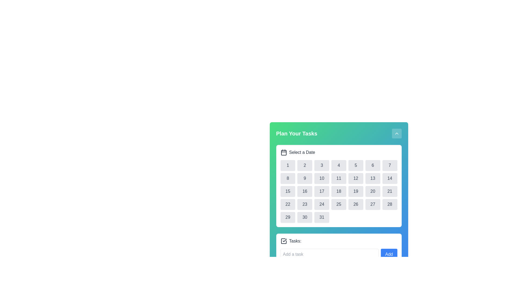 The image size is (519, 292). What do you see at coordinates (287, 217) in the screenshot?
I see `the clickable calendar date tile representing the 29th day, located` at bounding box center [287, 217].